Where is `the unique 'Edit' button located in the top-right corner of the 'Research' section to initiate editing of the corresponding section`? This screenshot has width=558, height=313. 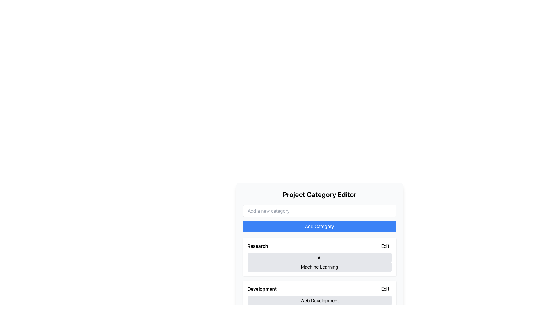 the unique 'Edit' button located in the top-right corner of the 'Research' section to initiate editing of the corresponding section is located at coordinates (385, 246).